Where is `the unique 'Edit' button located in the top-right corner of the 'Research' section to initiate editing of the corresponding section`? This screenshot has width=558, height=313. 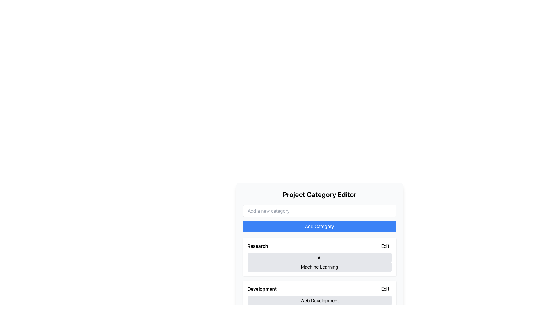 the unique 'Edit' button located in the top-right corner of the 'Research' section to initiate editing of the corresponding section is located at coordinates (385, 246).